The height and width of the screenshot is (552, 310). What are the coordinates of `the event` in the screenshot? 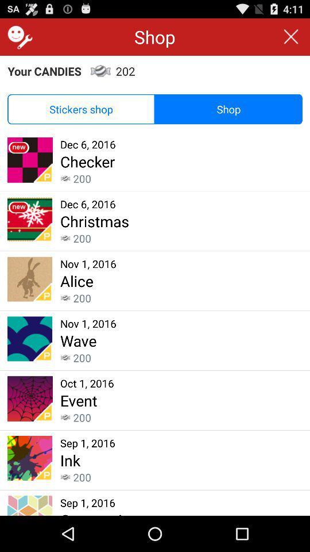 It's located at (78, 400).